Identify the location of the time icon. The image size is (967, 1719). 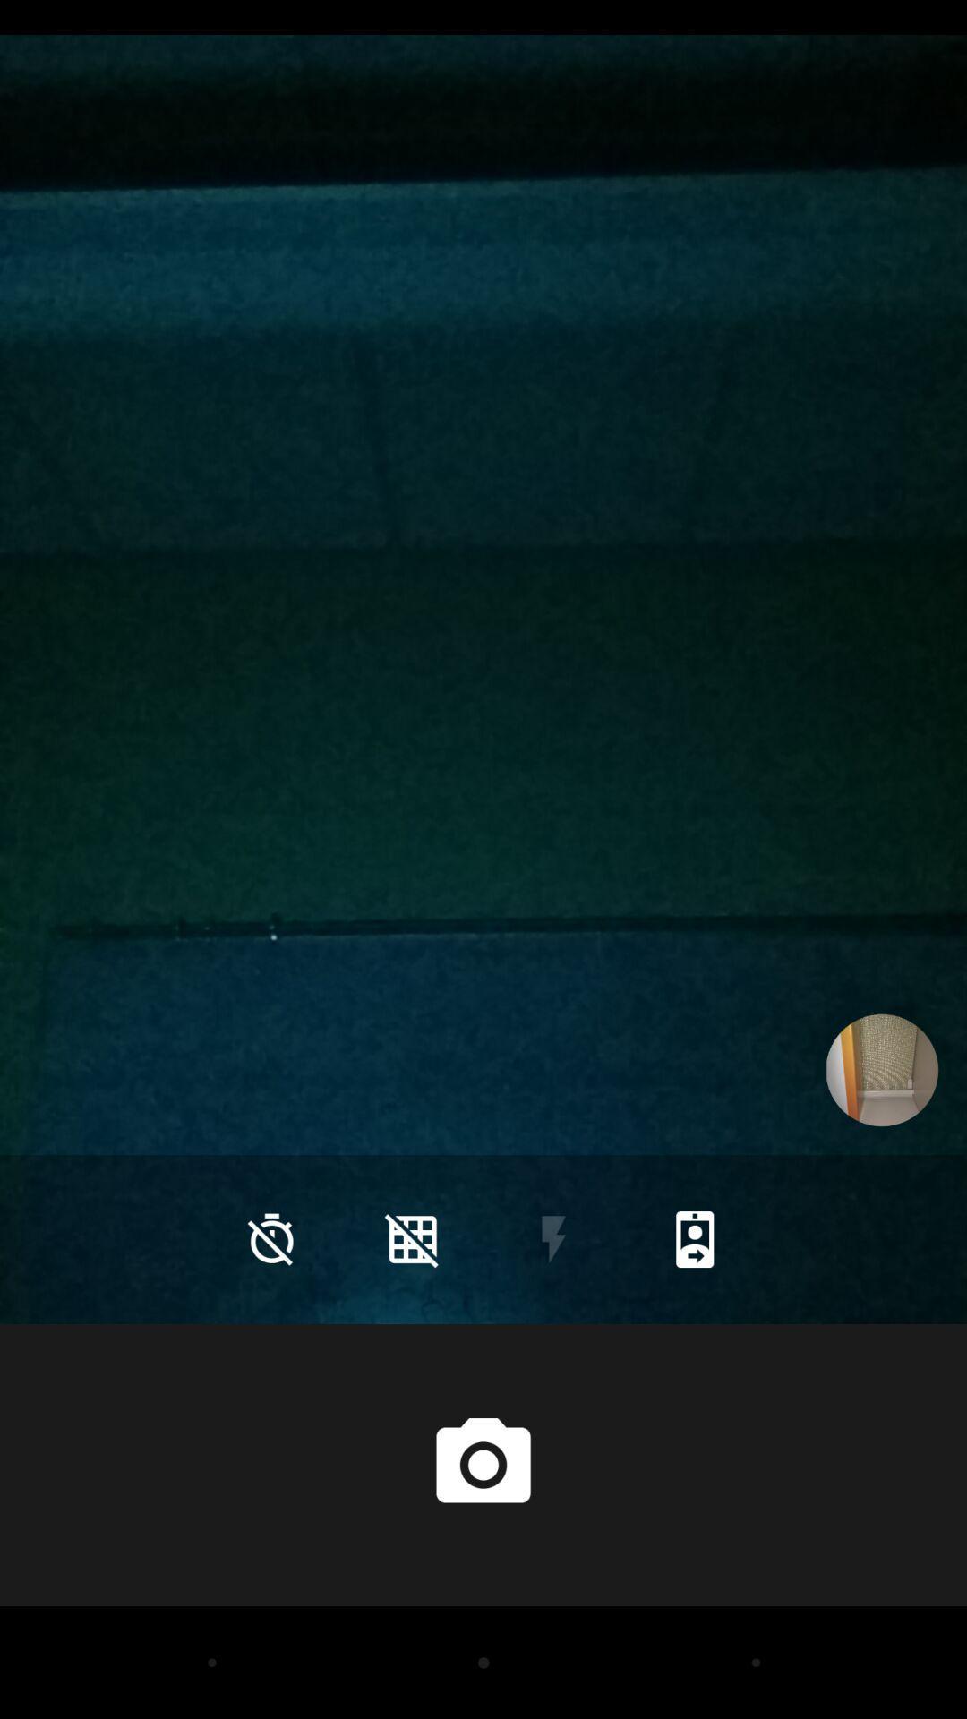
(271, 1238).